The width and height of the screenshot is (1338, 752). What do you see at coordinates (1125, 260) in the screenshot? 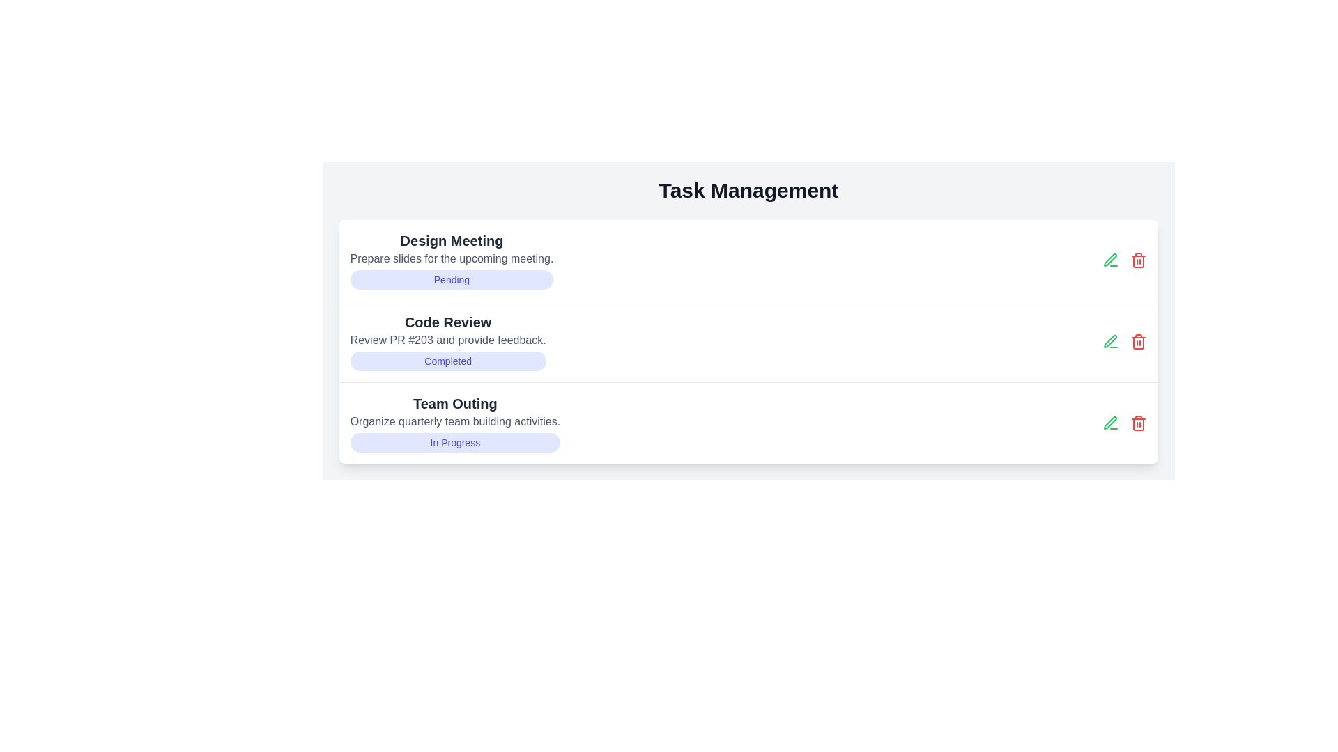
I see `the icon group containing action buttons for editing or deleting tasks, located at the far right of the 'Design Meeting' row` at bounding box center [1125, 260].